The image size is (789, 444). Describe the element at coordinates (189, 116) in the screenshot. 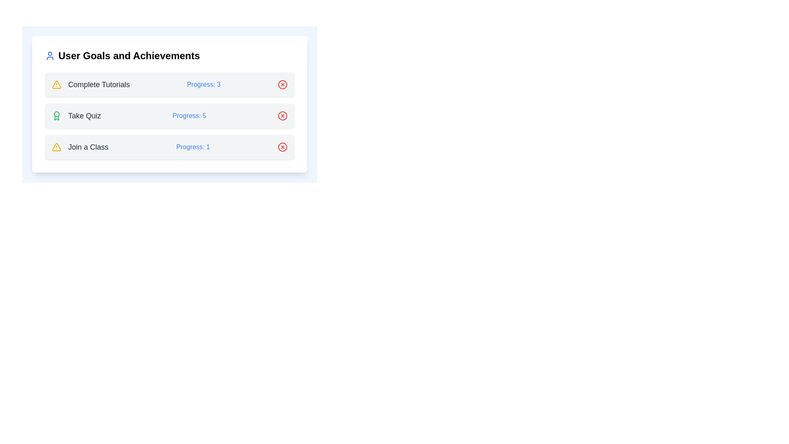

I see `the 'Progress: 5' text label, which is styled in blue and located next to the 'Take Quiz' label in the 'User Goals and Achievements' list` at that location.